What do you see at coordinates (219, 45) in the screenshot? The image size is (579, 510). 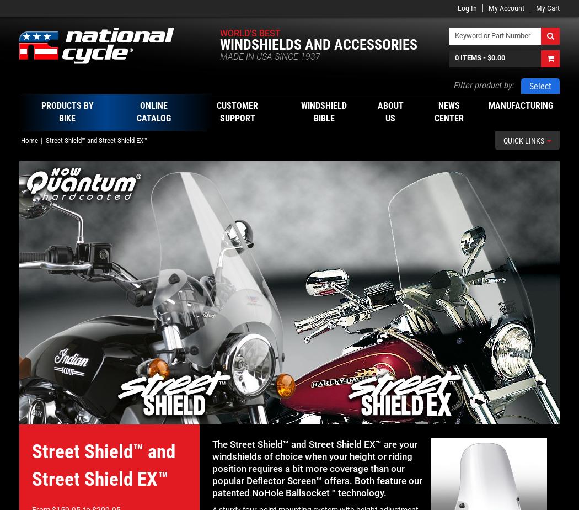 I see `'Windshields and Accessories'` at bounding box center [219, 45].